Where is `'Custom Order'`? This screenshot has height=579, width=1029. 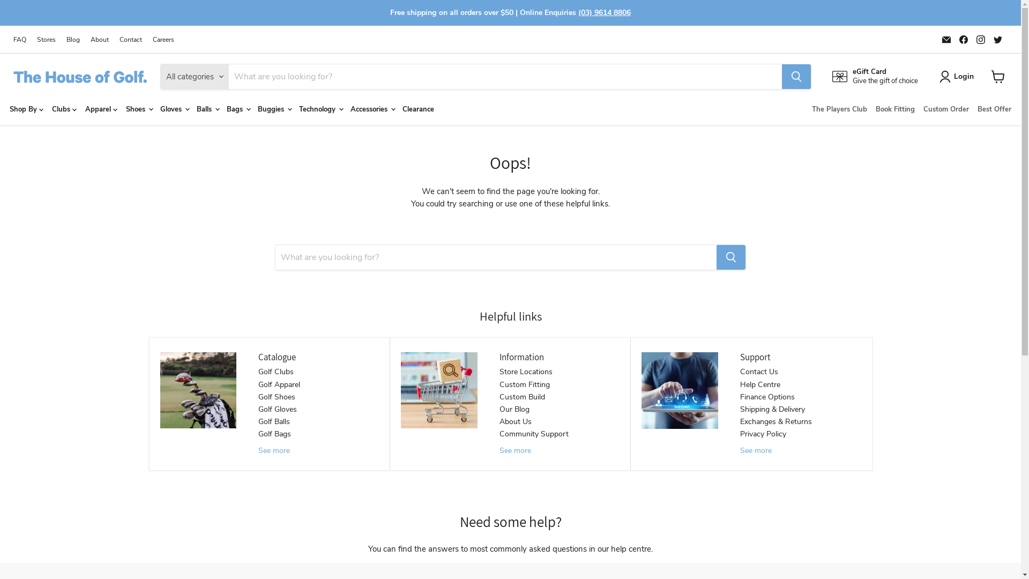
'Custom Order' is located at coordinates (946, 109).